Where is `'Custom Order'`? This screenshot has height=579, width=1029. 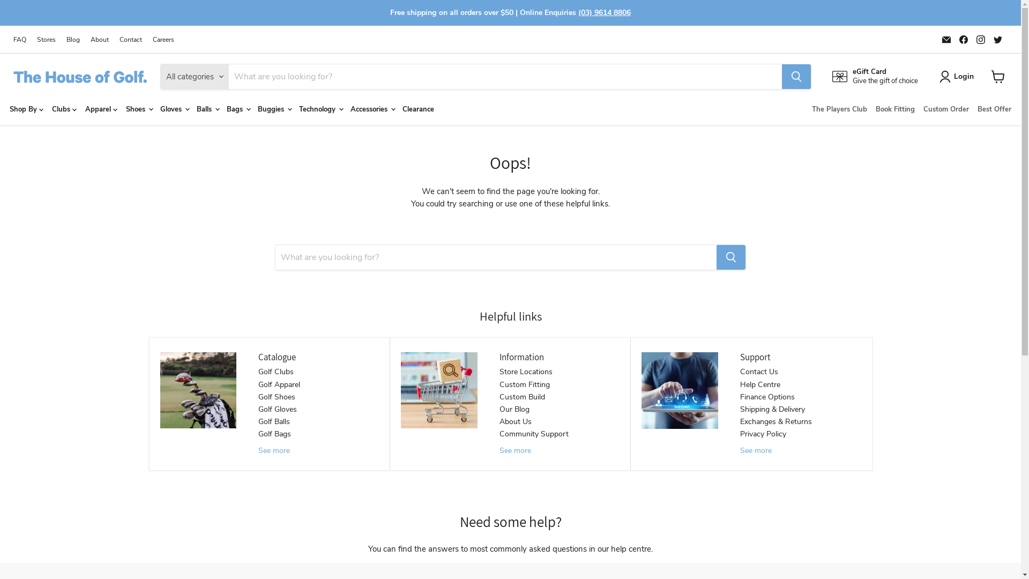
'Custom Order' is located at coordinates (946, 109).